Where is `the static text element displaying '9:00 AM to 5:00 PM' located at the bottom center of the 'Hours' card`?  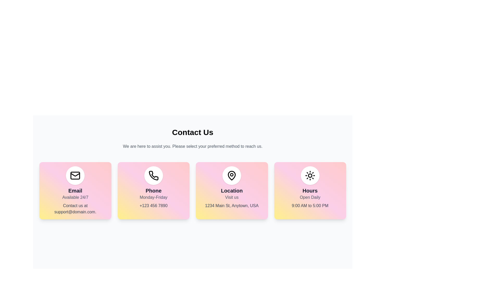 the static text element displaying '9:00 AM to 5:00 PM' located at the bottom center of the 'Hours' card is located at coordinates (310, 205).